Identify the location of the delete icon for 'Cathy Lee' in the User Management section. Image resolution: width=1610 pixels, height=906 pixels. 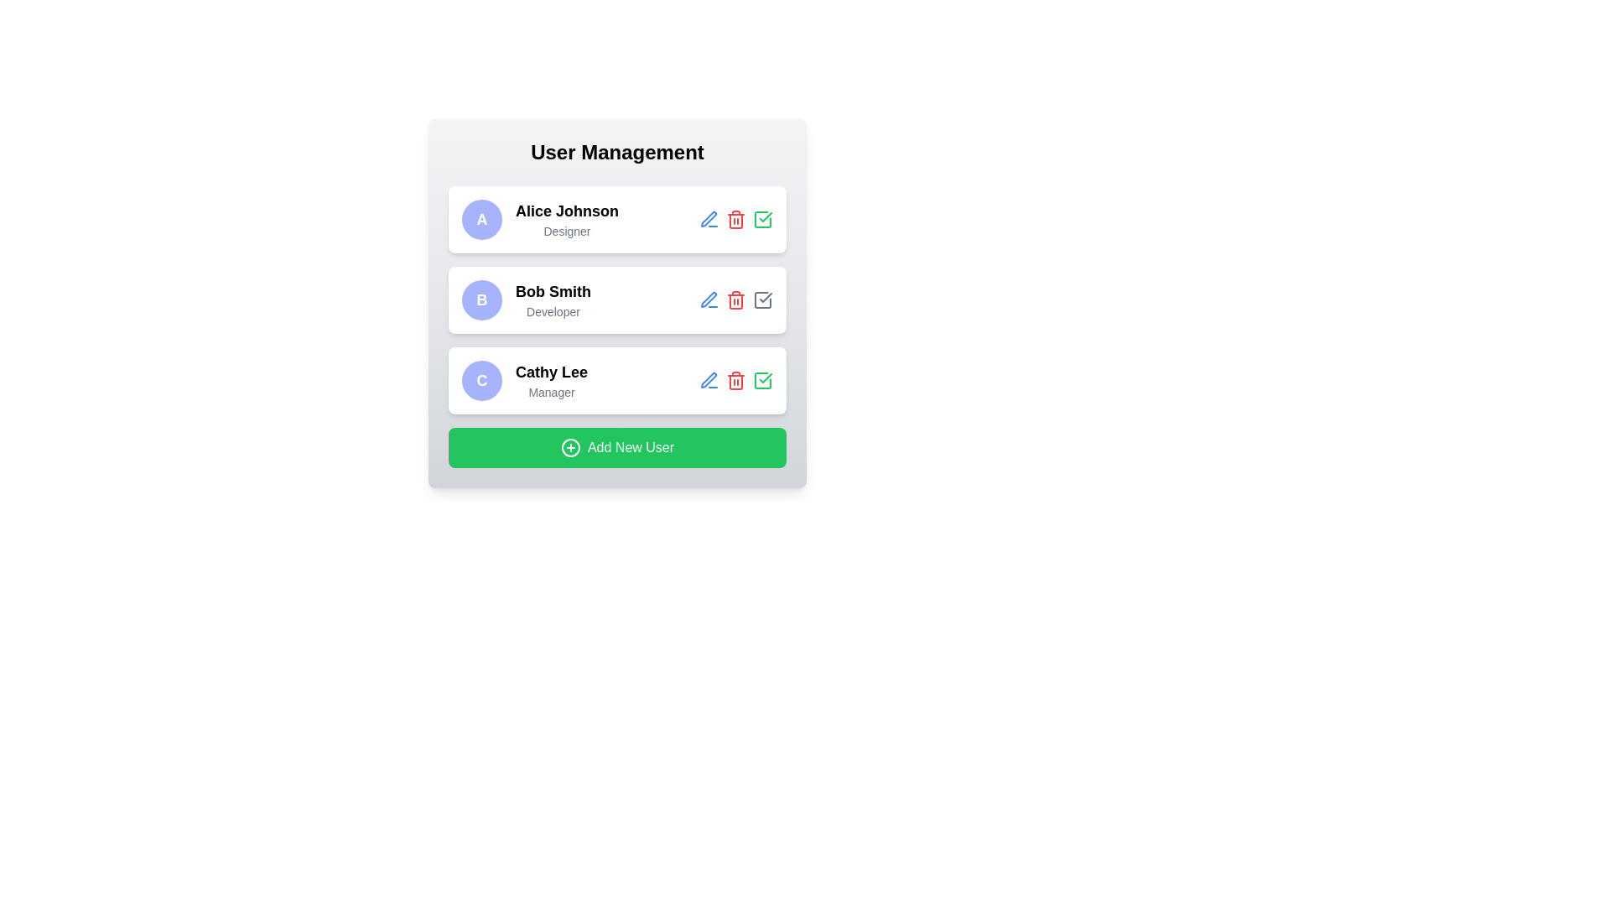
(736, 381).